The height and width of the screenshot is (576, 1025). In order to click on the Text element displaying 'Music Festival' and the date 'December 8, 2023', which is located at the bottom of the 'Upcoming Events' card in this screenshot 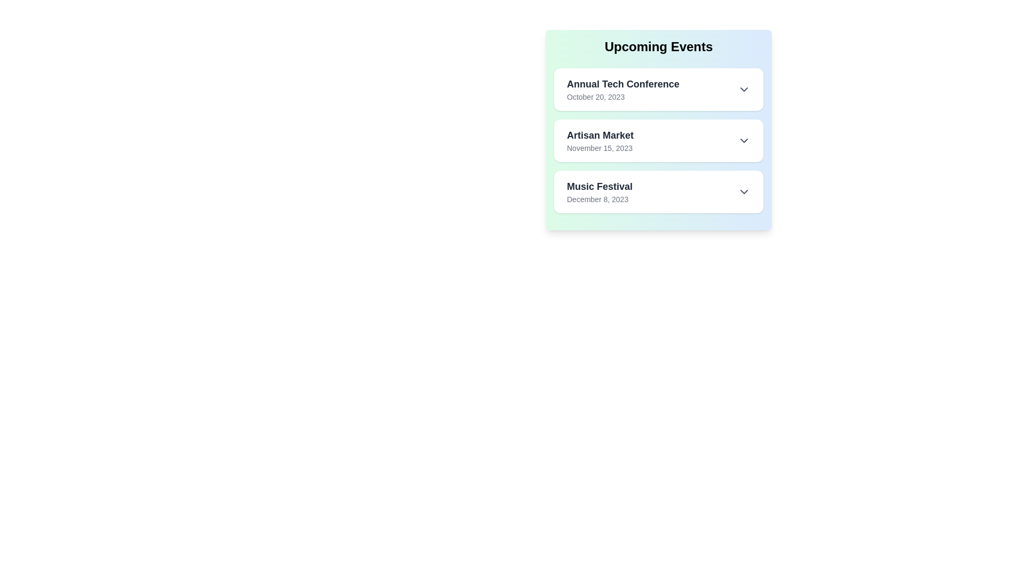, I will do `click(600, 191)`.